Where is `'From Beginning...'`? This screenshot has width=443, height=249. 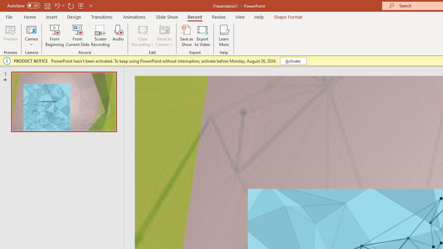 'From Beginning...' is located at coordinates (54, 36).